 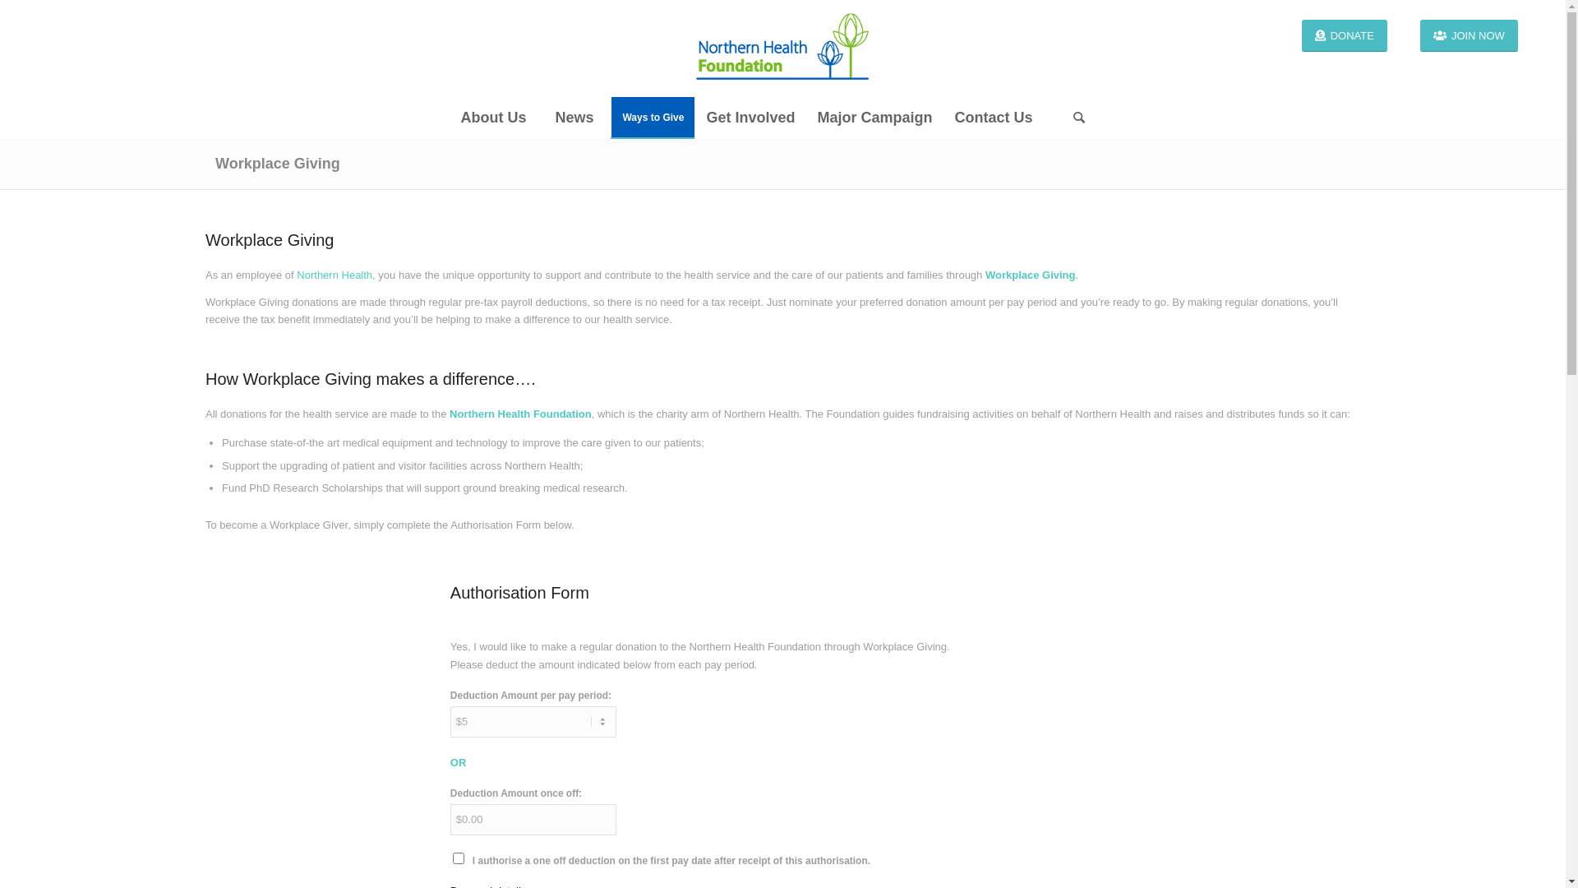 What do you see at coordinates (992, 116) in the screenshot?
I see `'Contact Us'` at bounding box center [992, 116].